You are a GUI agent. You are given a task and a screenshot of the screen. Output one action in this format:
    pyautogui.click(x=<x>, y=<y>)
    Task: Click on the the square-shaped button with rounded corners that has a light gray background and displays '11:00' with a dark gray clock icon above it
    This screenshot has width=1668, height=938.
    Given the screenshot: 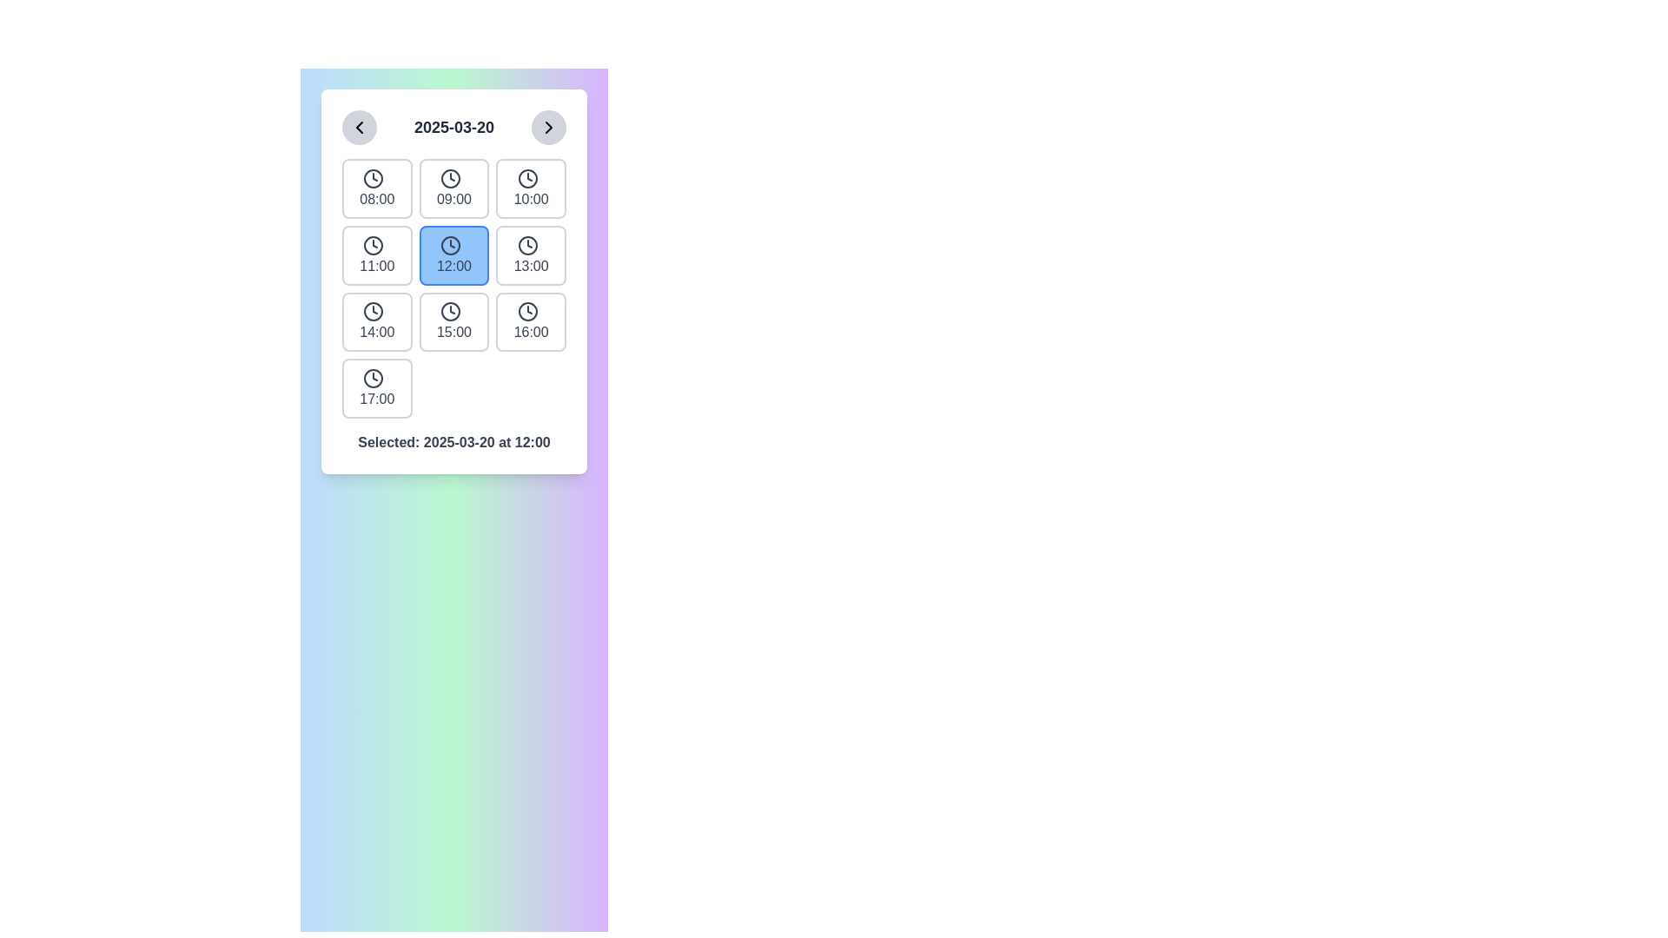 What is the action you would take?
    pyautogui.click(x=376, y=255)
    